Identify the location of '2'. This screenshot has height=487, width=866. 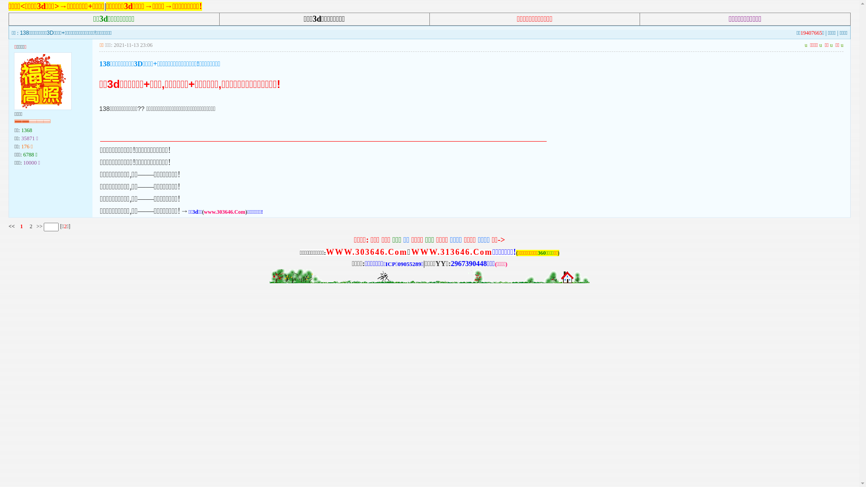
(31, 225).